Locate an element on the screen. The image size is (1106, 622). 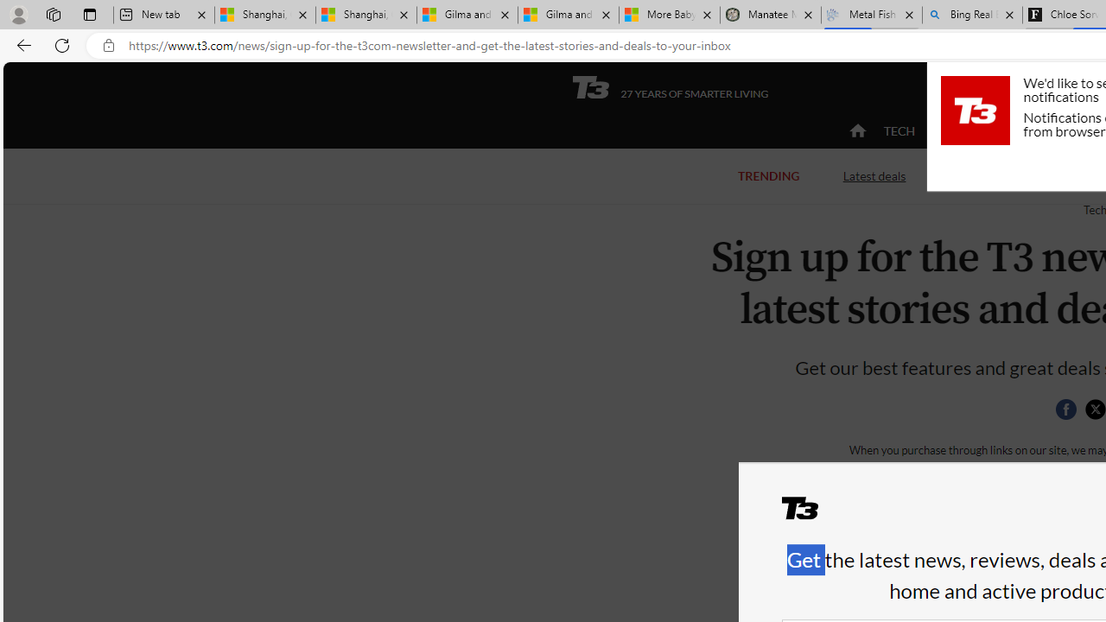
'T3' is located at coordinates (810, 513).